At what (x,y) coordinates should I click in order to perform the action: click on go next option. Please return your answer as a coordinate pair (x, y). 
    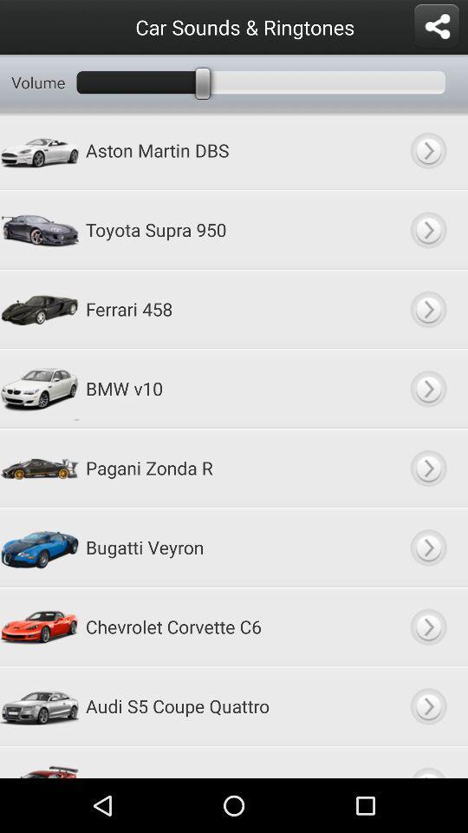
    Looking at the image, I should click on (427, 309).